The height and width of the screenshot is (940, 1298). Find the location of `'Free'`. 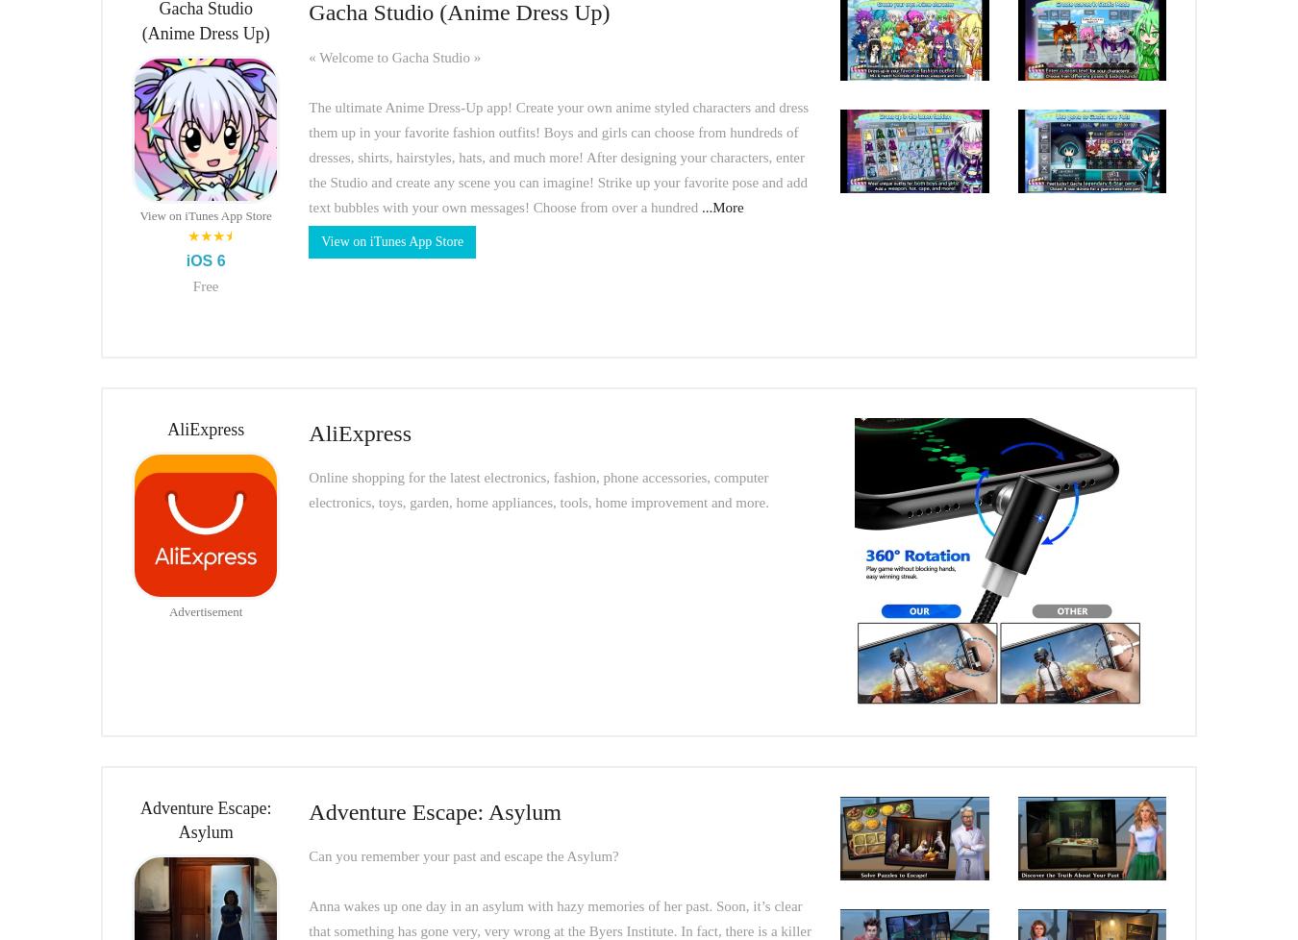

'Free' is located at coordinates (205, 284).